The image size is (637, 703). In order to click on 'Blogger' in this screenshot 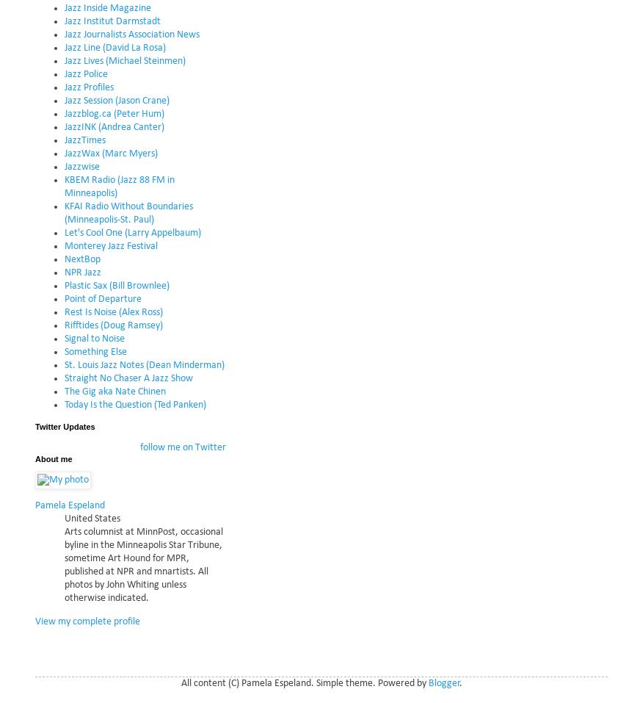, I will do `click(443, 682)`.